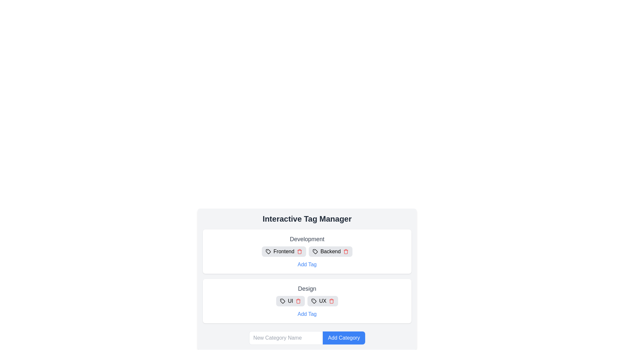  What do you see at coordinates (314, 301) in the screenshot?
I see `the tag icon representing 'UX' in the 'Design' category` at bounding box center [314, 301].